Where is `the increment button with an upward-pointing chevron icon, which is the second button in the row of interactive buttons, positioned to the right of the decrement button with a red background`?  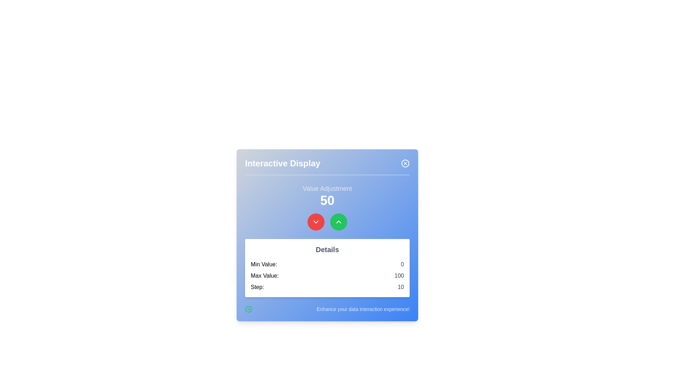
the increment button with an upward-pointing chevron icon, which is the second button in the row of interactive buttons, positioned to the right of the decrement button with a red background is located at coordinates (338, 221).